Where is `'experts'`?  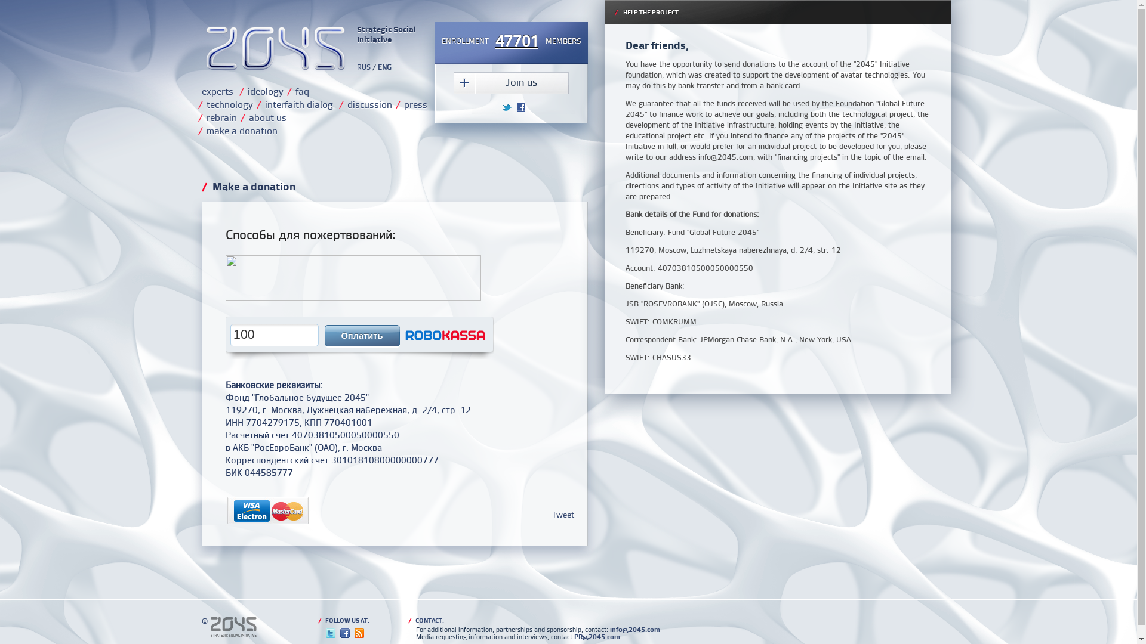 'experts' is located at coordinates (217, 91).